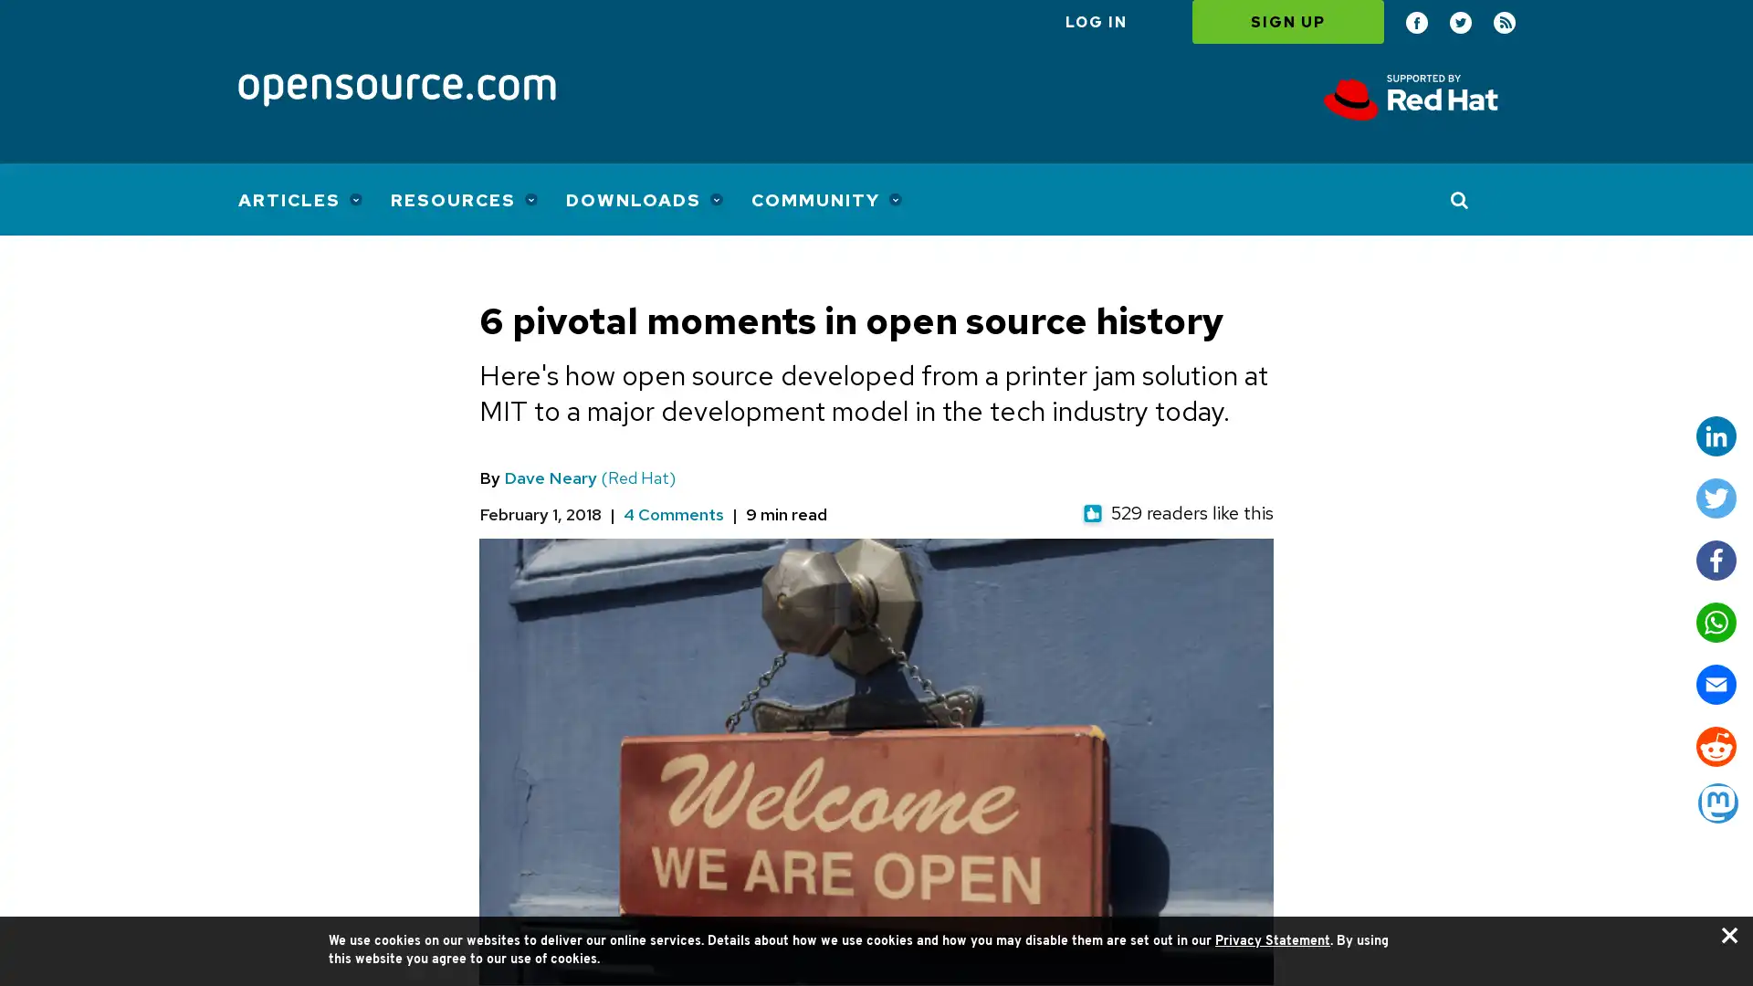 The width and height of the screenshot is (1753, 986). What do you see at coordinates (1716, 802) in the screenshot?
I see `MASTODON` at bounding box center [1716, 802].